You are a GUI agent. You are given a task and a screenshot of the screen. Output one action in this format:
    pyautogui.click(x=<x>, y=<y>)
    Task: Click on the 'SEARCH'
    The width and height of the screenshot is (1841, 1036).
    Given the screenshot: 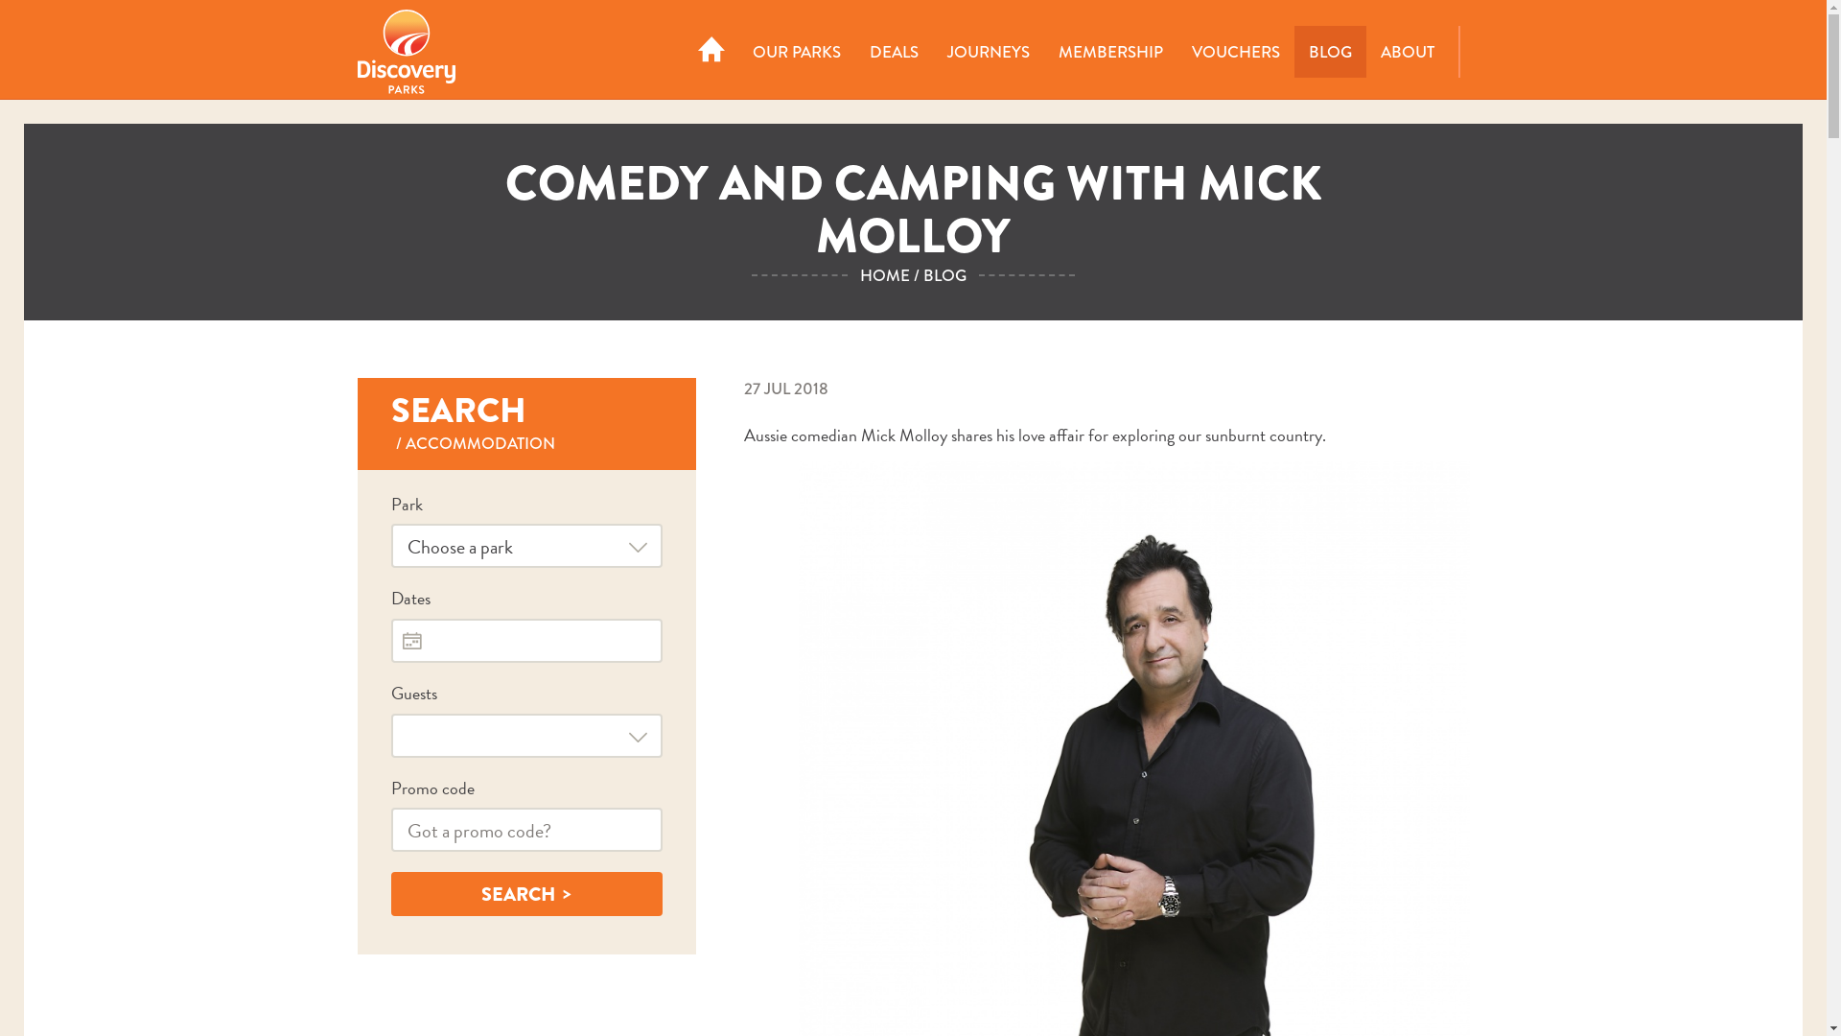 What is the action you would take?
    pyautogui.click(x=390, y=894)
    